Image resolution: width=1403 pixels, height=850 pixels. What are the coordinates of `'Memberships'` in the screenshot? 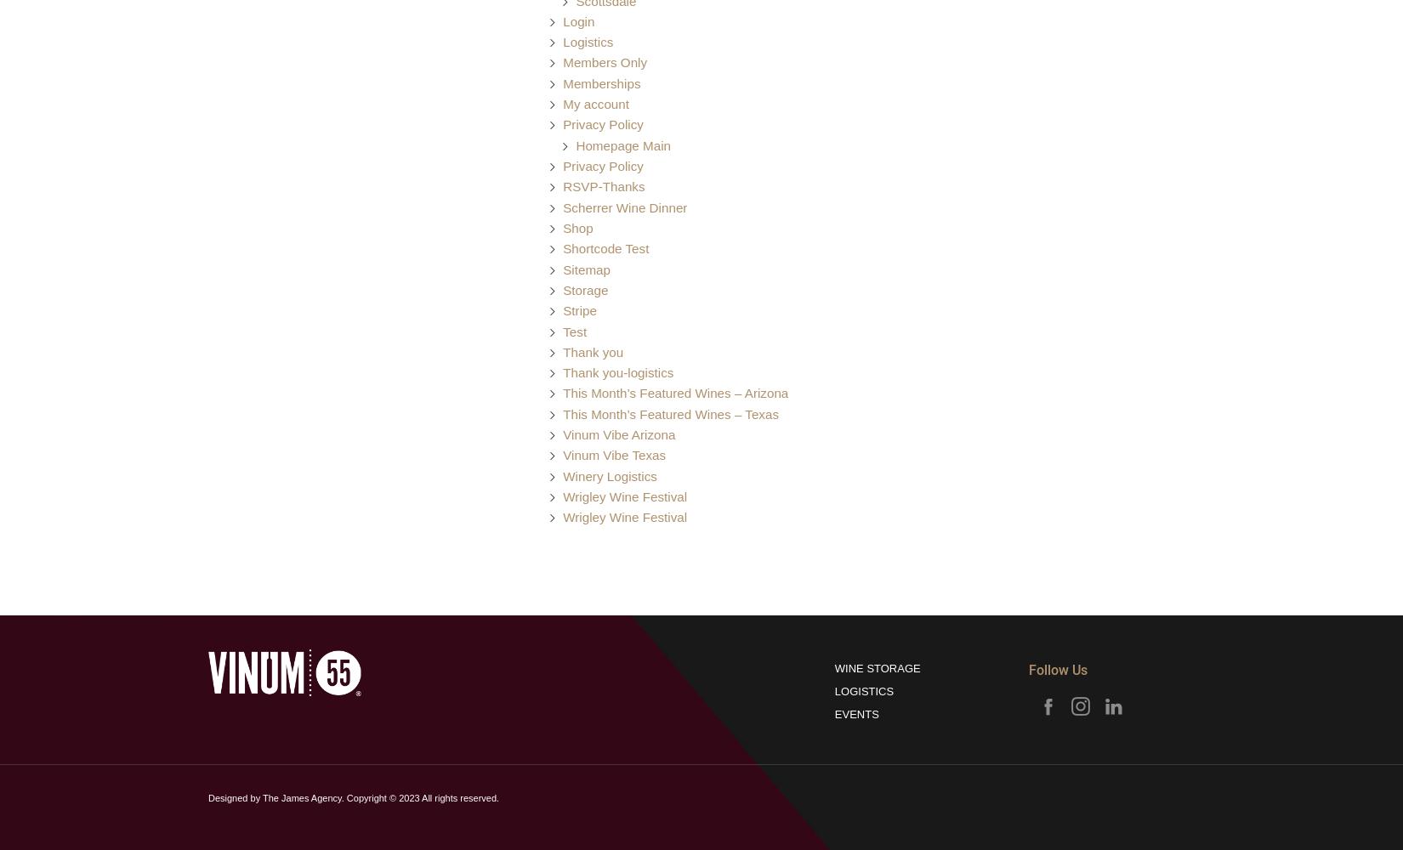 It's located at (600, 82).